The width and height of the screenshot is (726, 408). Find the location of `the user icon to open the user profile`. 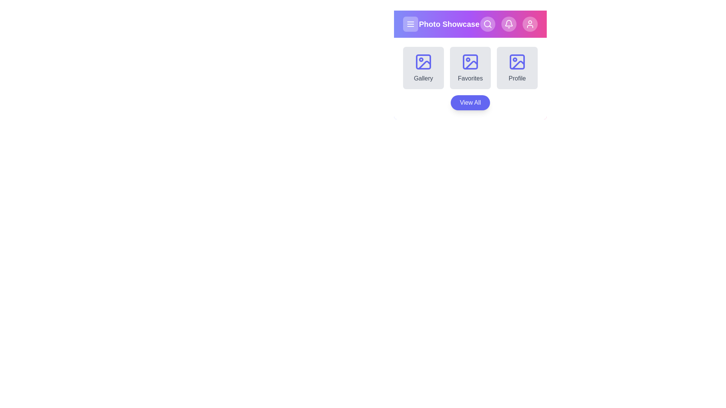

the user icon to open the user profile is located at coordinates (529, 24).